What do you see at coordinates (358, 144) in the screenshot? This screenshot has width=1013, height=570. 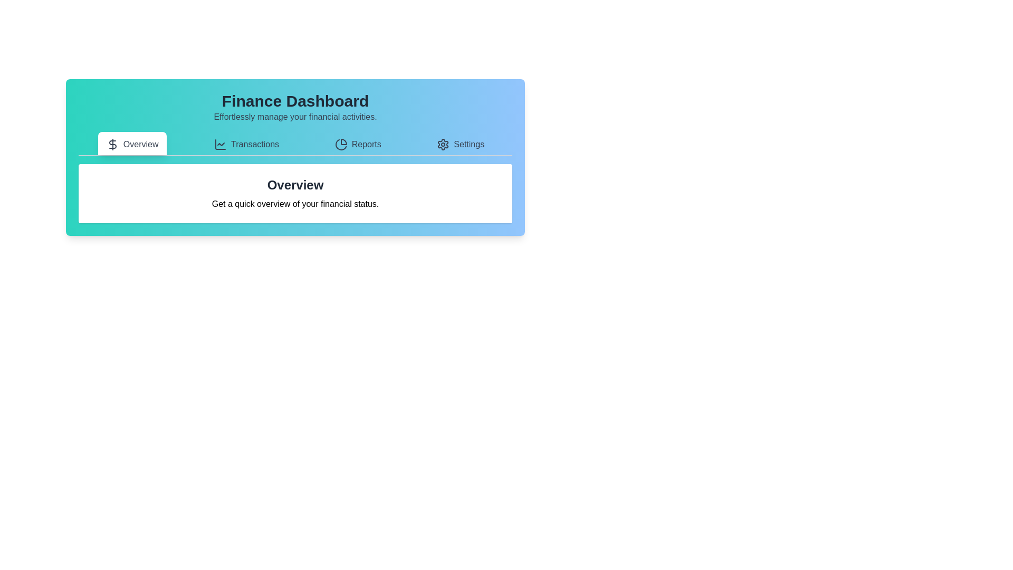 I see `the tab labeled Reports to view its content` at bounding box center [358, 144].